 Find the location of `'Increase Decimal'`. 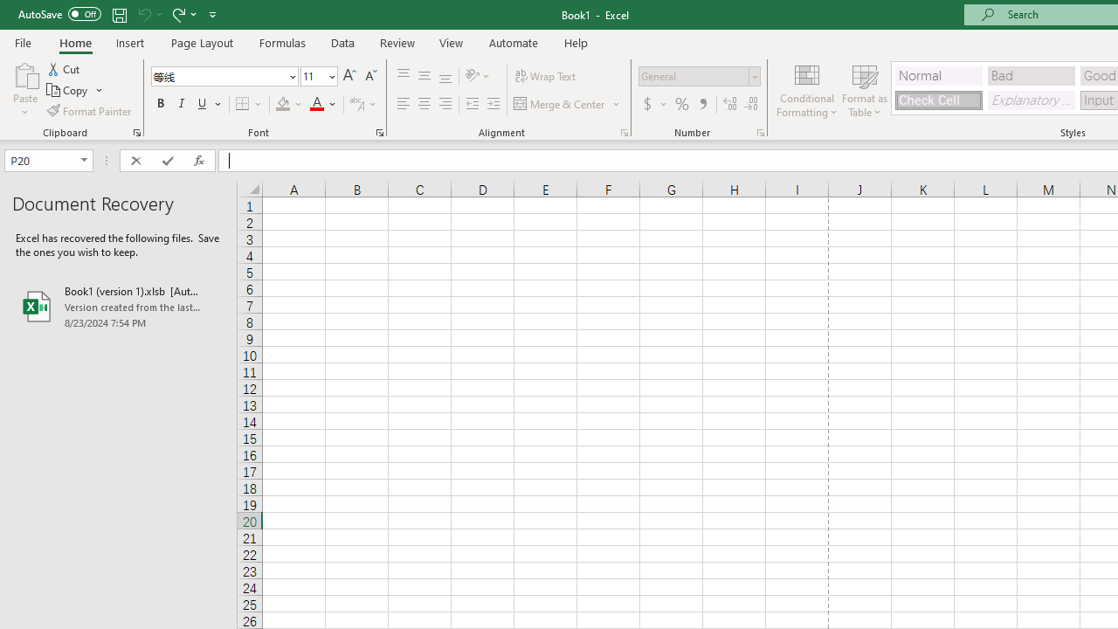

'Increase Decimal' is located at coordinates (730, 104).